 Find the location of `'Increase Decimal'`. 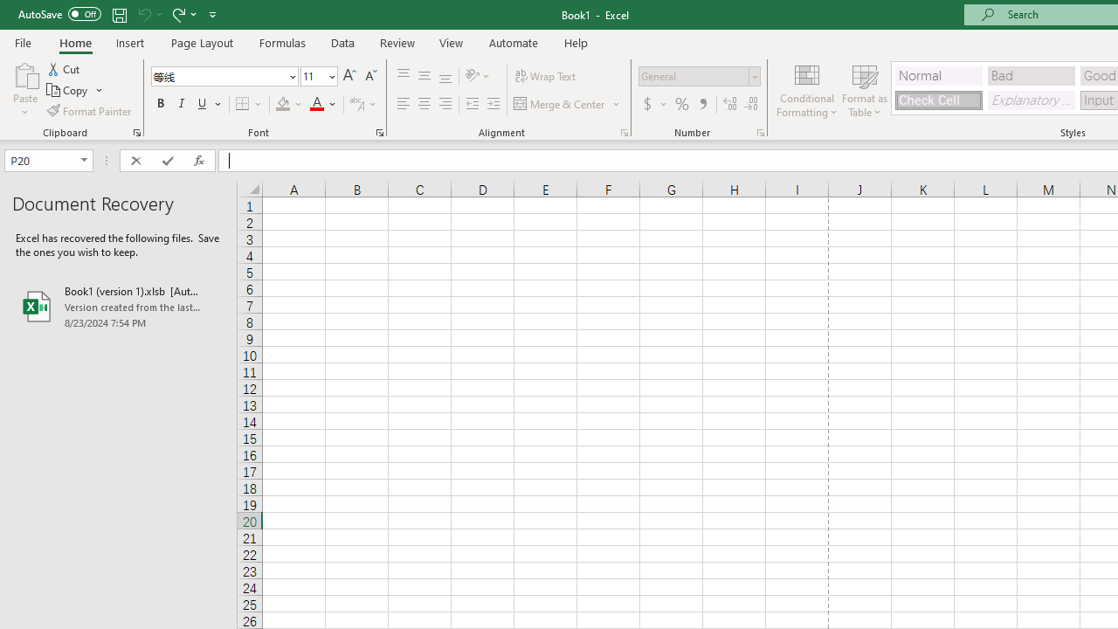

'Increase Decimal' is located at coordinates (730, 104).